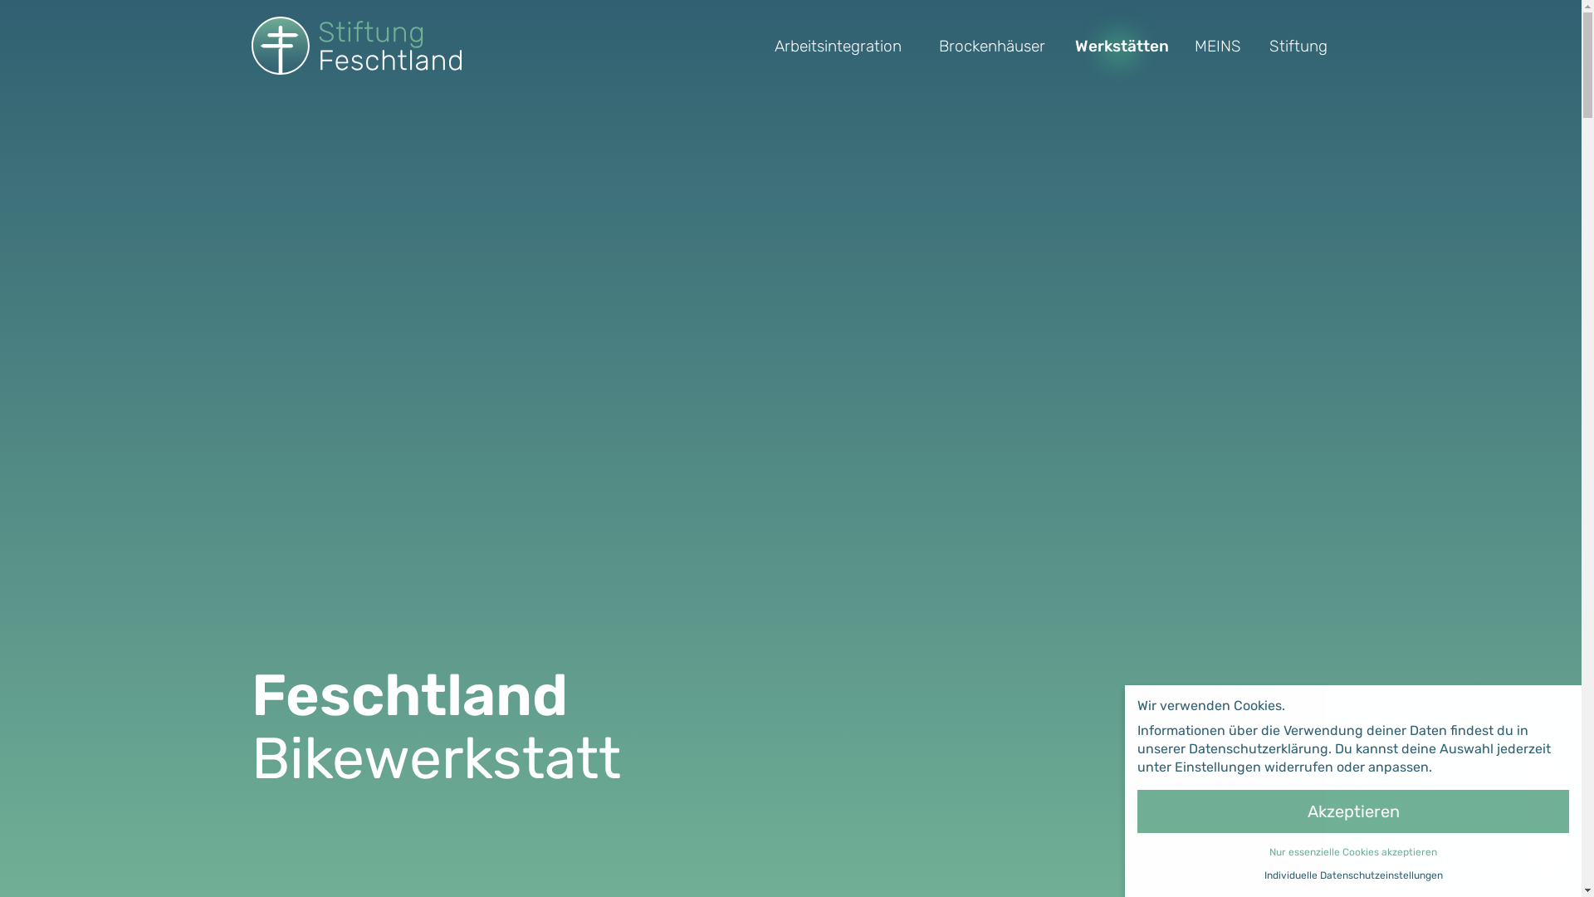 The height and width of the screenshot is (897, 1594). What do you see at coordinates (1352, 874) in the screenshot?
I see `'Individuelle Datenschutzeinstellungen'` at bounding box center [1352, 874].